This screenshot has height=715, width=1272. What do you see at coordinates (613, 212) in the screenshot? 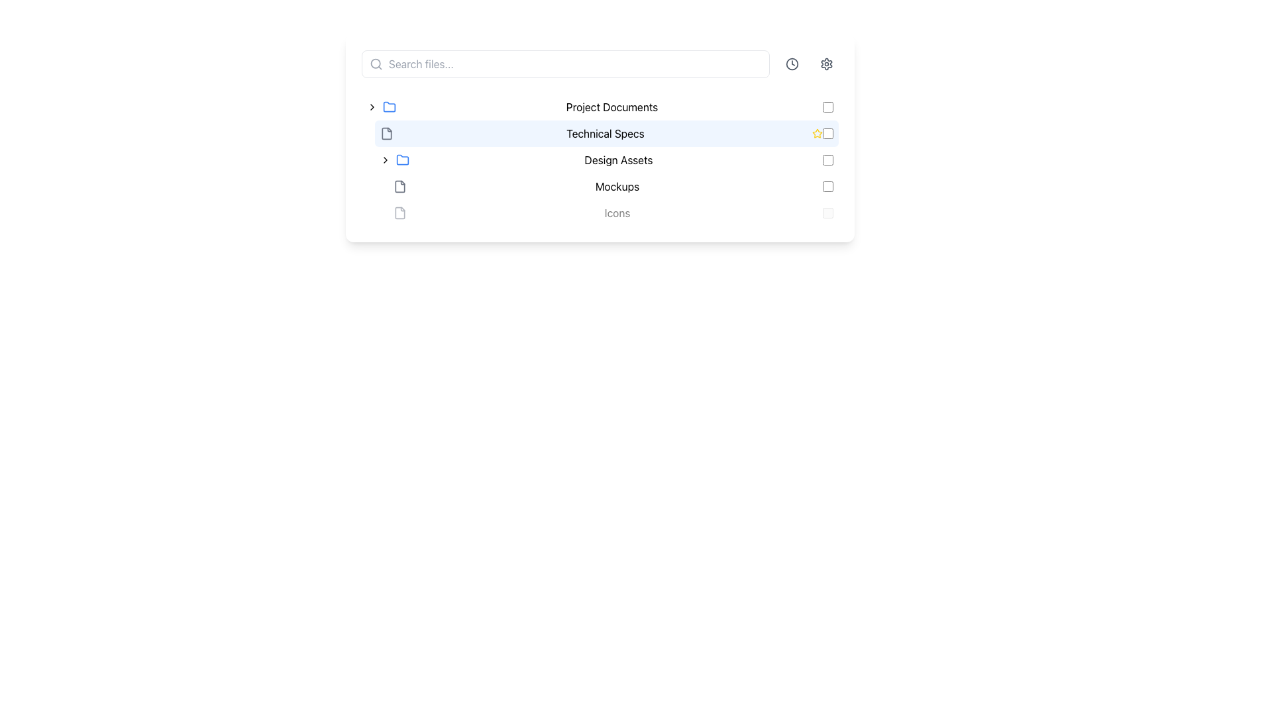
I see `the inactive clickable list item labeled 'Icons' which displays a file icon and is located below the 'Mockups' entry` at bounding box center [613, 212].